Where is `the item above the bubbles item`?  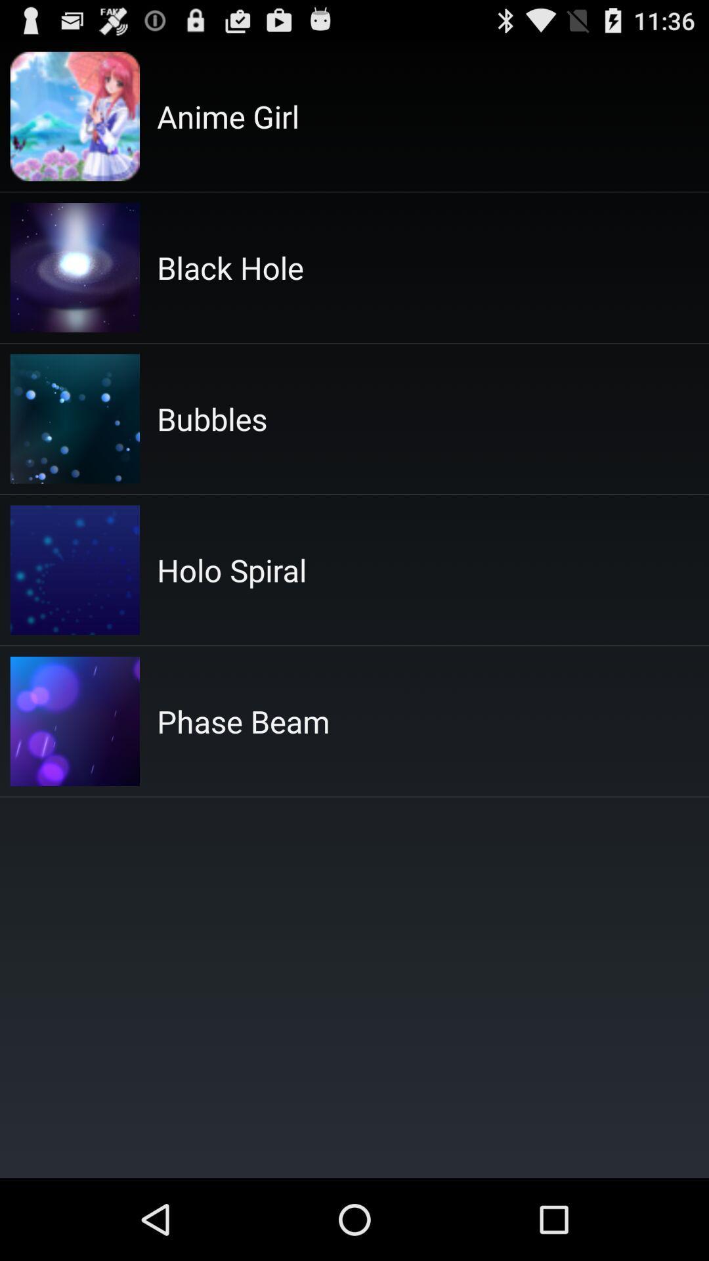 the item above the bubbles item is located at coordinates (230, 267).